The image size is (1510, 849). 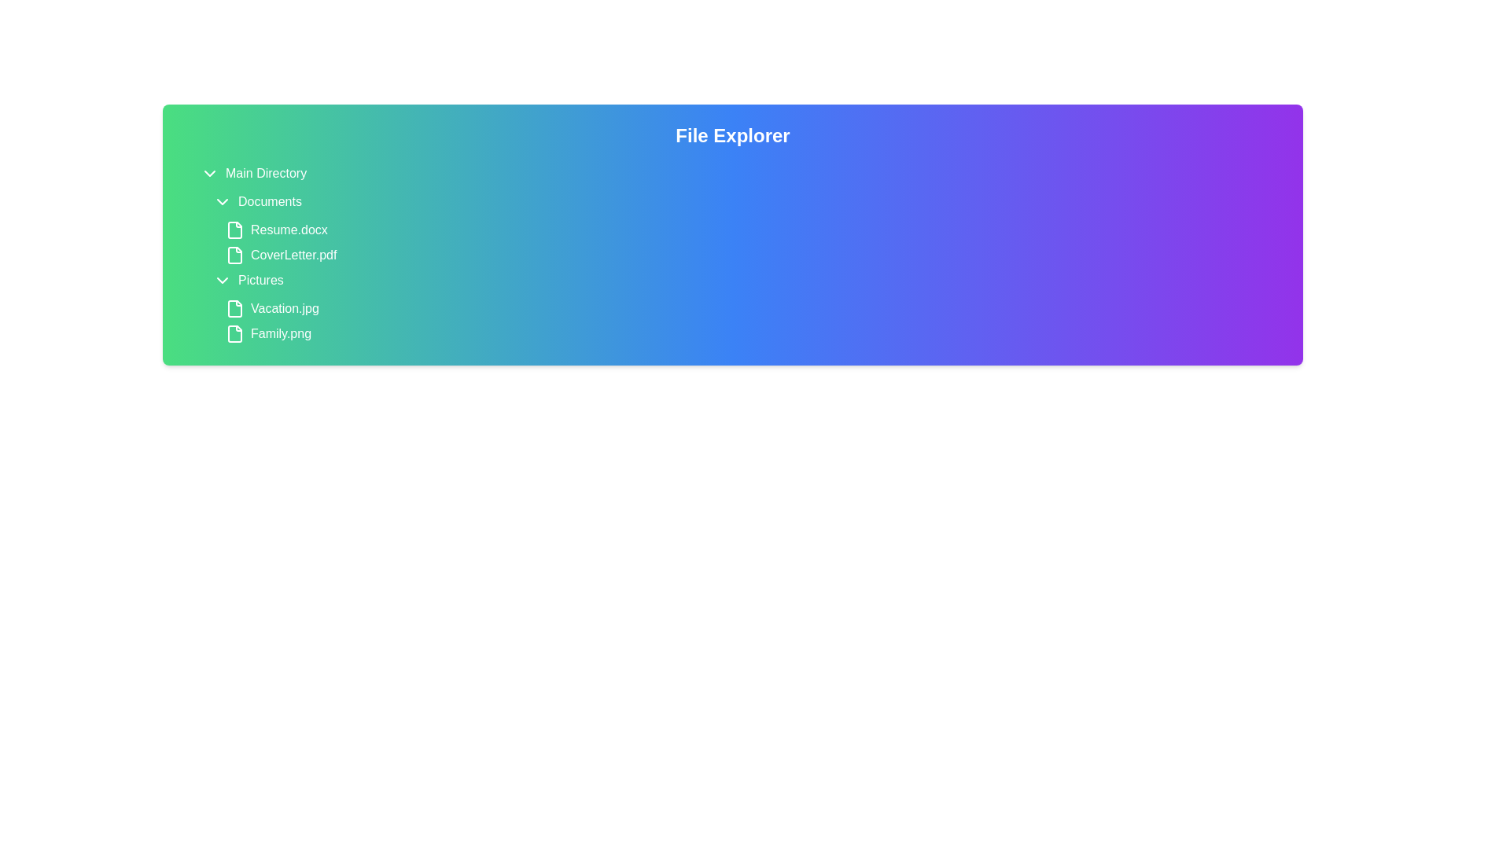 What do you see at coordinates (285, 309) in the screenshot?
I see `the text label displaying the filename 'Vacation.jpg' to show the filename tooltip` at bounding box center [285, 309].